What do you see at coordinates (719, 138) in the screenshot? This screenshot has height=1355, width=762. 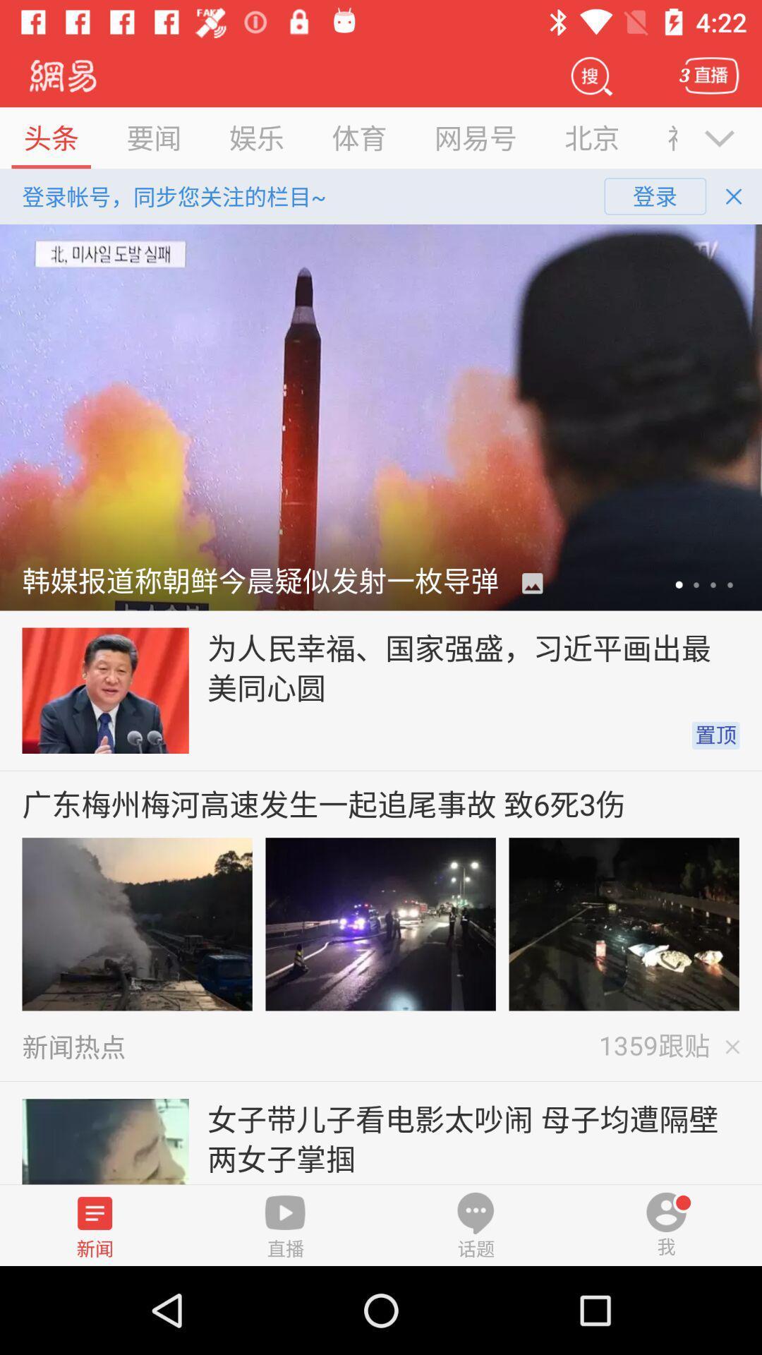 I see `the expand_more icon` at bounding box center [719, 138].